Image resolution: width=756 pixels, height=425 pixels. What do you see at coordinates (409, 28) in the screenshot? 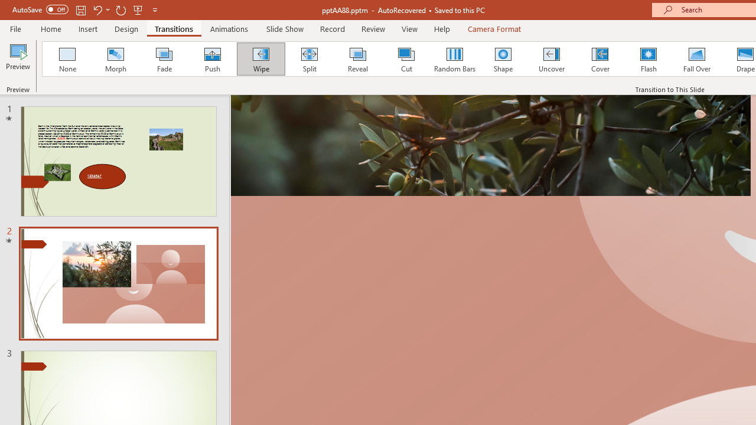
I see `'View'` at bounding box center [409, 28].